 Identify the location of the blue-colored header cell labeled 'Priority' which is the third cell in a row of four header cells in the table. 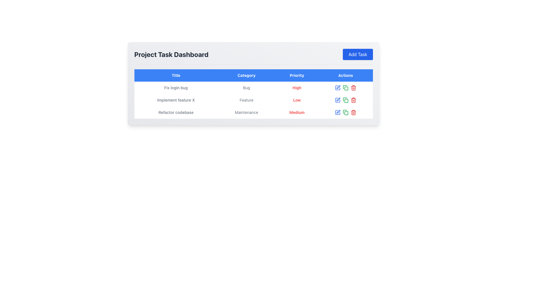
(296, 75).